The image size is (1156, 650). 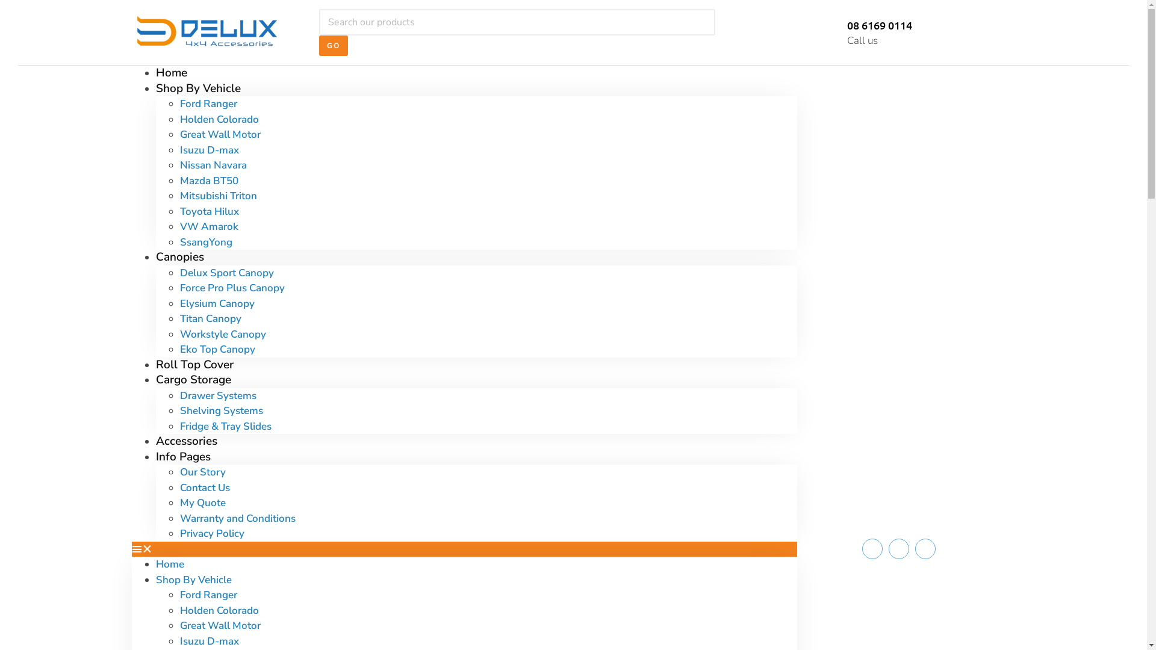 What do you see at coordinates (202, 471) in the screenshot?
I see `'Our Story'` at bounding box center [202, 471].